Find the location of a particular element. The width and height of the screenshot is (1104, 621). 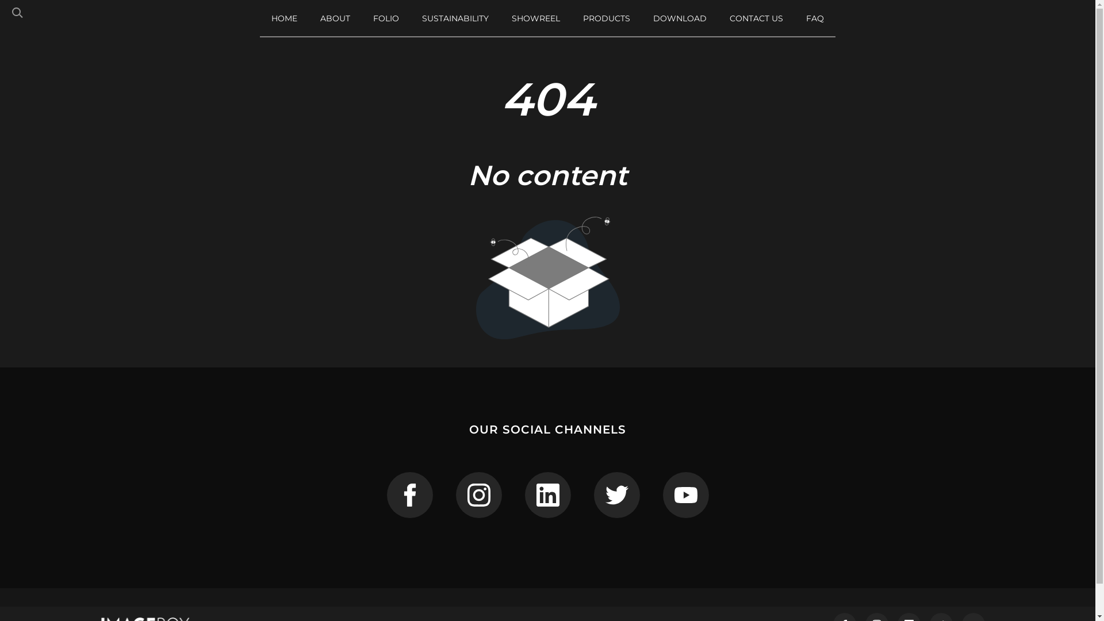

'PRODUCTS' is located at coordinates (606, 18).